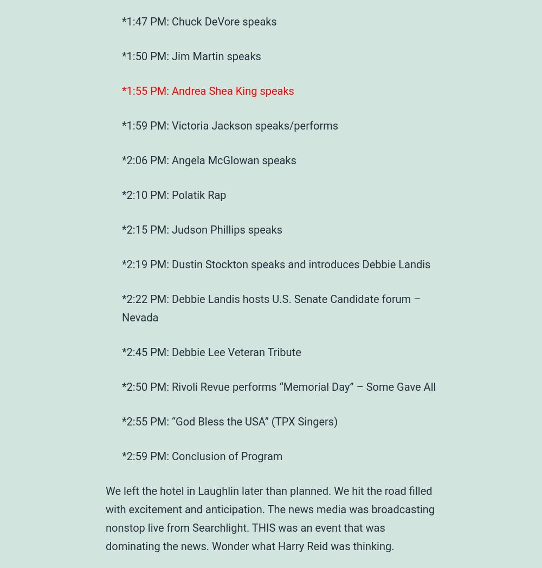  Describe the element at coordinates (121, 91) in the screenshot. I see `'*1:55 PM: Andrea Shea King speaks'` at that location.